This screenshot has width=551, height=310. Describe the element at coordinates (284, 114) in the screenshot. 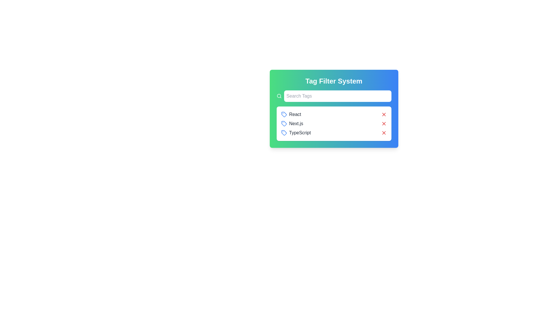

I see `the blue tag icon located at the top-left corner of the list item labeled 'React'` at that location.